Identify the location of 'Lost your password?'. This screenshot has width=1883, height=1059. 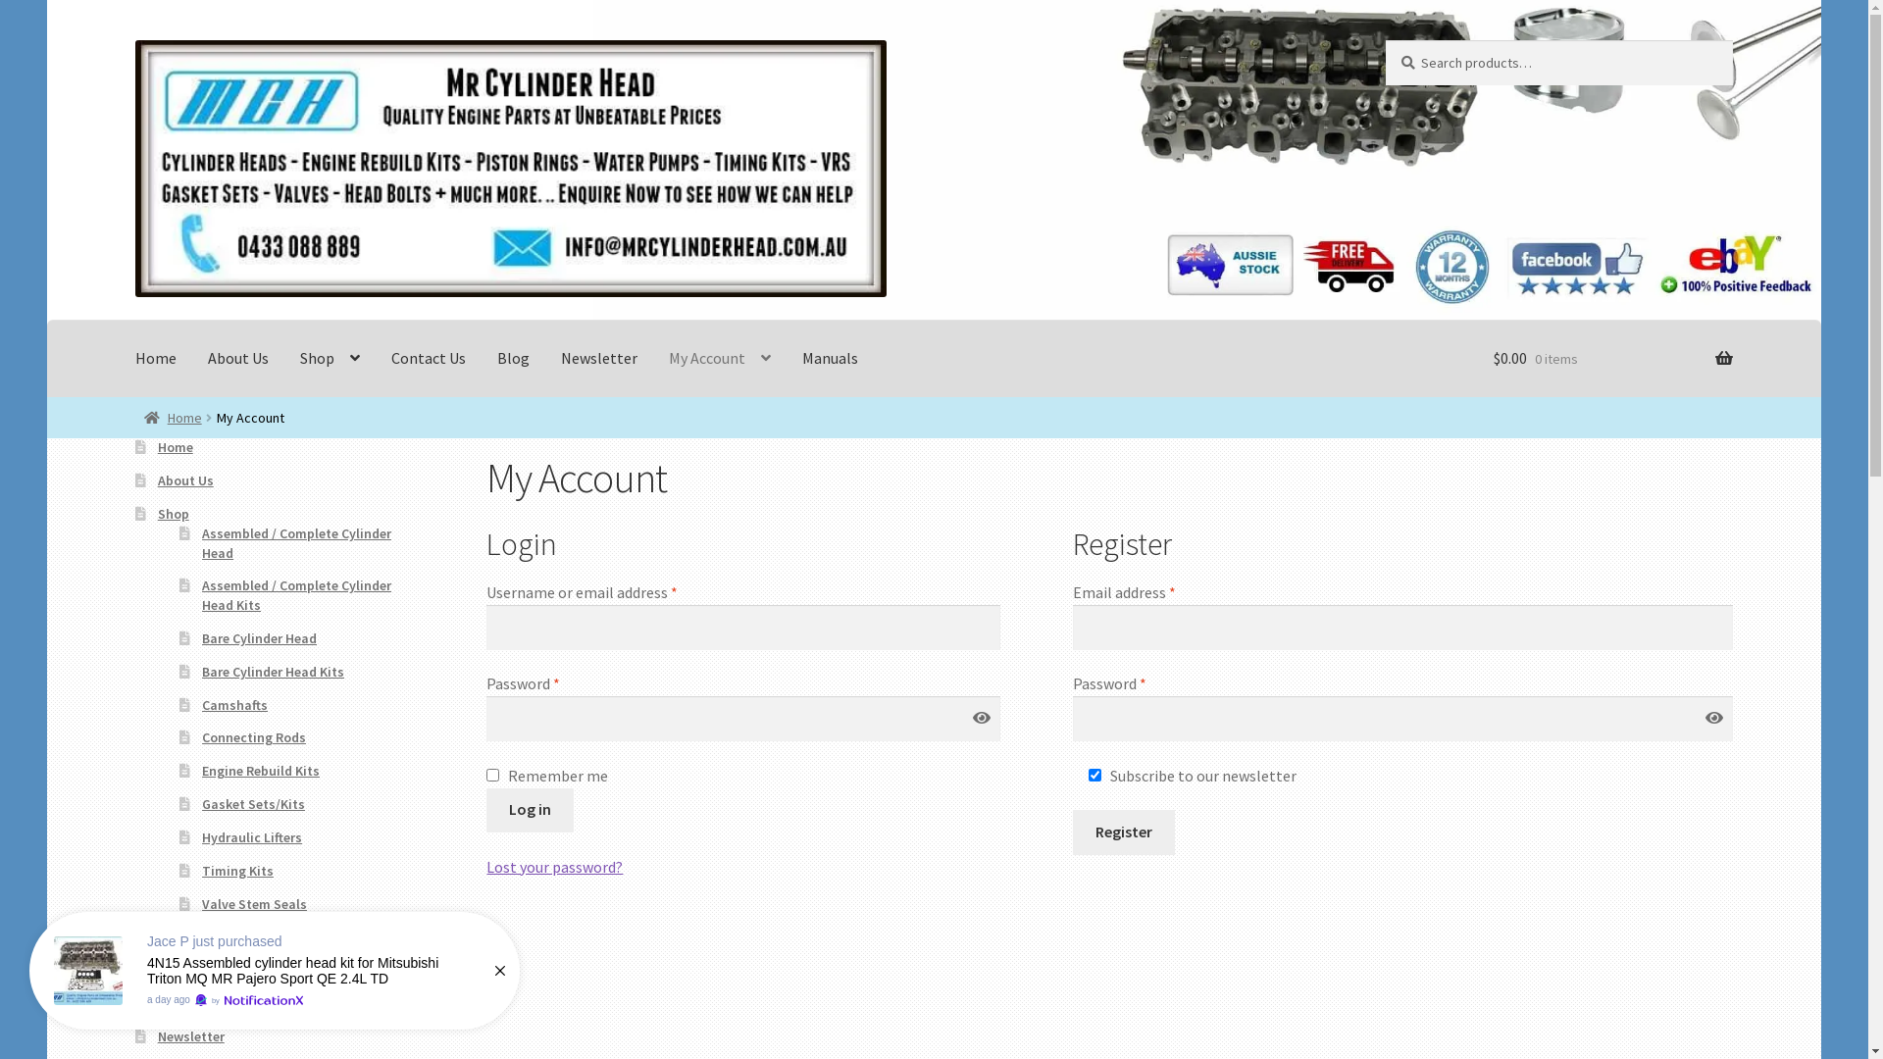
(553, 865).